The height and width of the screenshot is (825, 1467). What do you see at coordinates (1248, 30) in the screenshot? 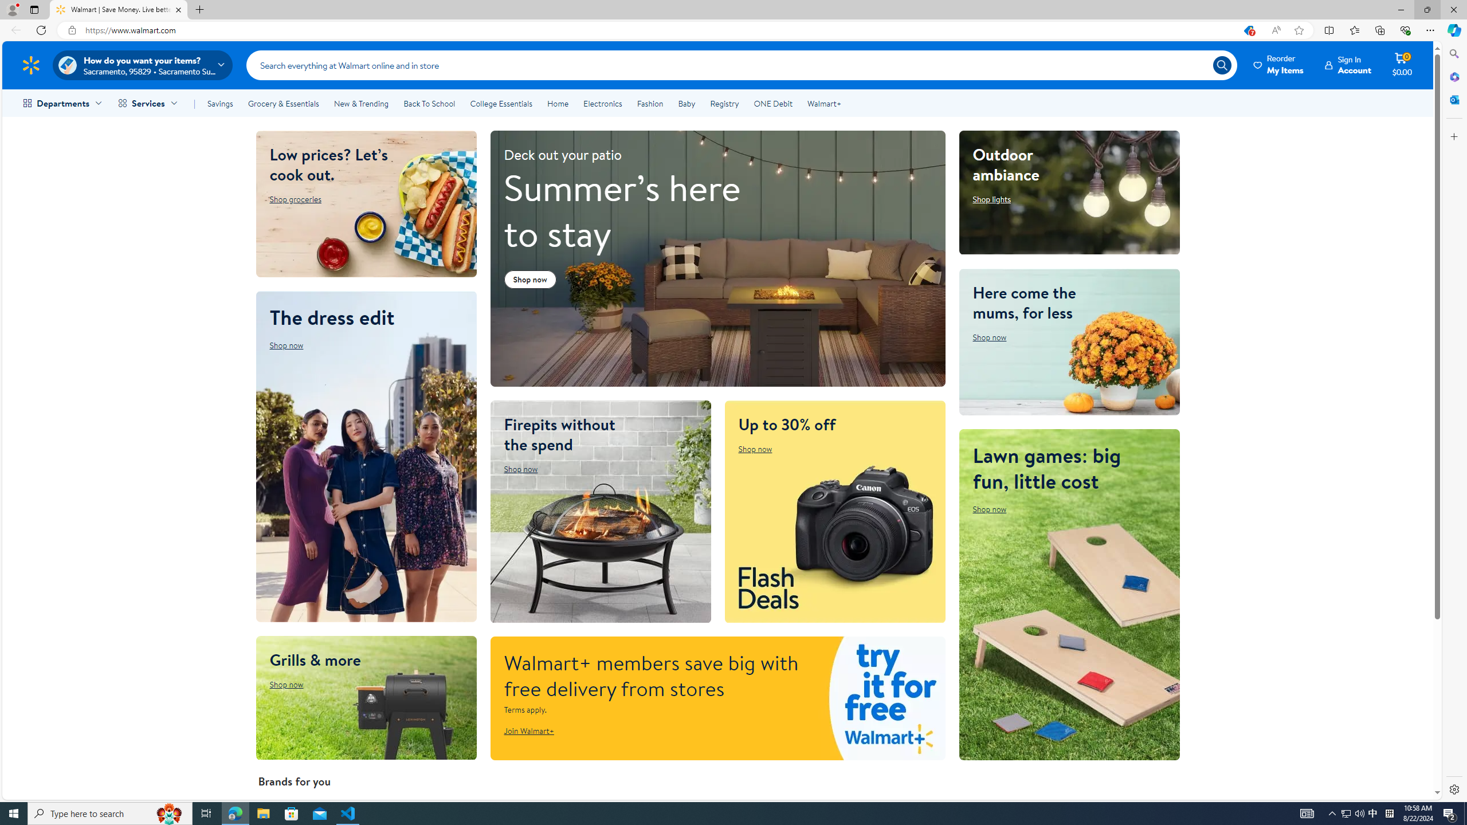
I see `'This site has coupons! Shopping in Microsoft Edge, 7'` at bounding box center [1248, 30].